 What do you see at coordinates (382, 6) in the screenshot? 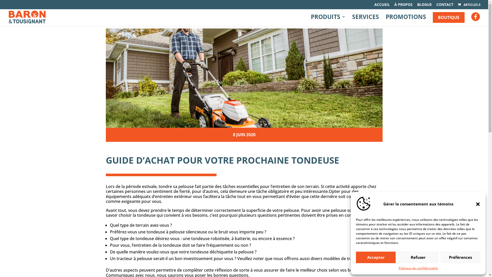
I see `'ACCUEIL'` at bounding box center [382, 6].